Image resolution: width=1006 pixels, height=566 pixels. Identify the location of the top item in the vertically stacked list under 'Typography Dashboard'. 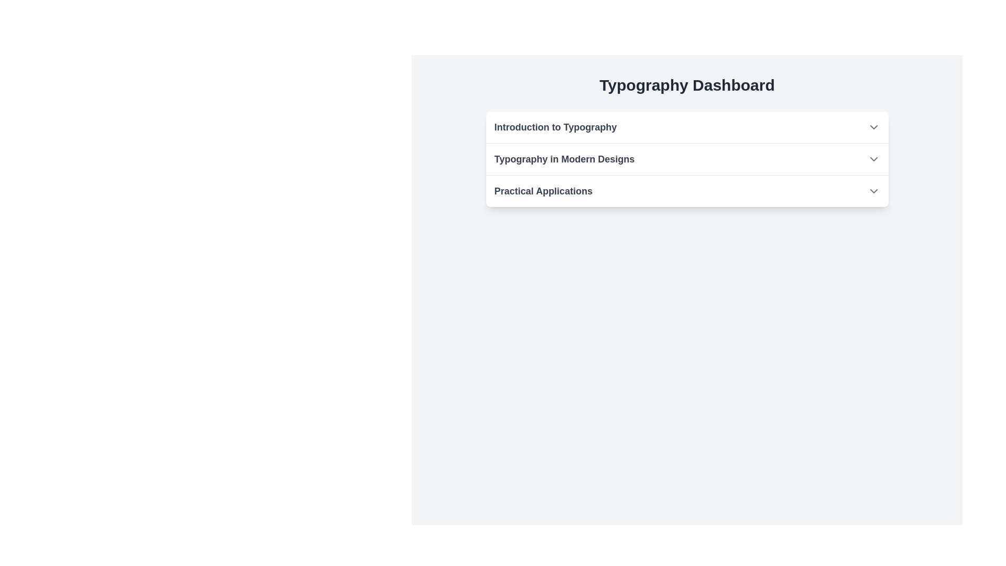
(687, 127).